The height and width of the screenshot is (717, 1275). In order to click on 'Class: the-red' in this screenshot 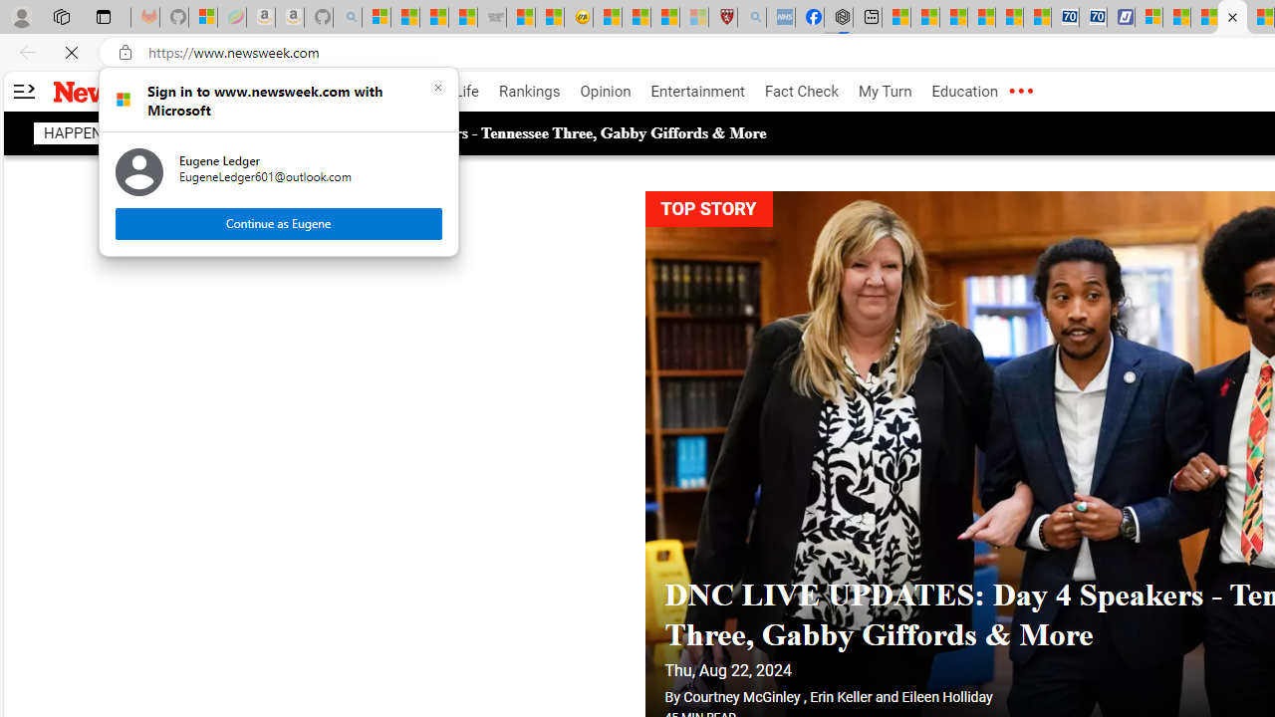, I will do `click(1020, 92)`.